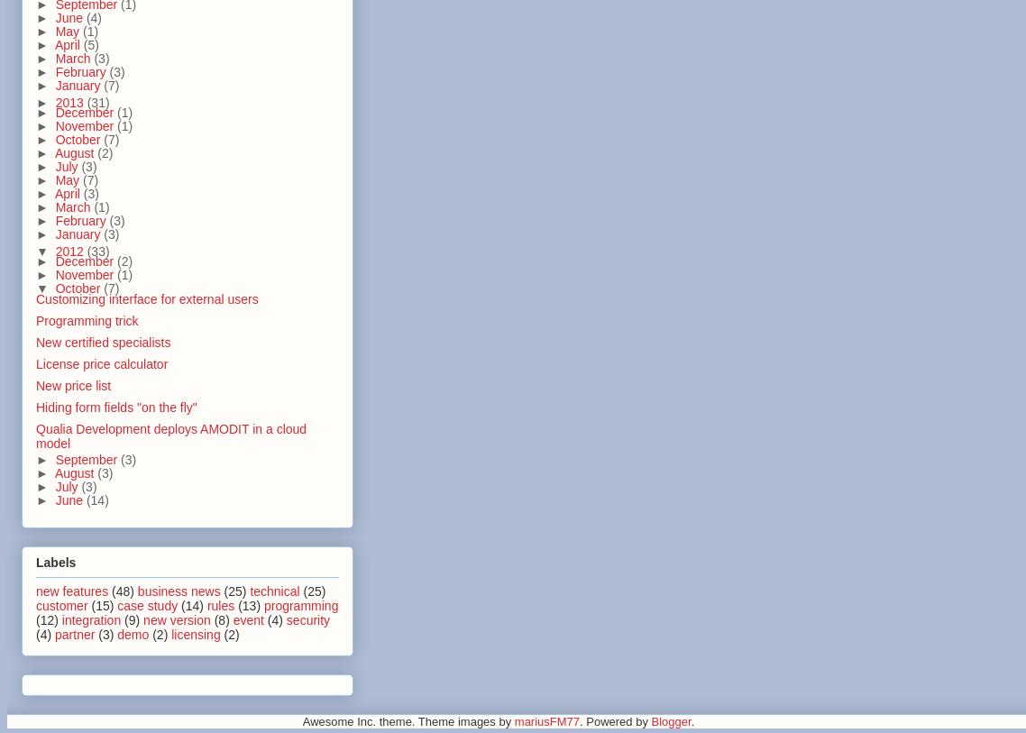 The image size is (1026, 733). What do you see at coordinates (90, 618) in the screenshot?
I see `'integration'` at bounding box center [90, 618].